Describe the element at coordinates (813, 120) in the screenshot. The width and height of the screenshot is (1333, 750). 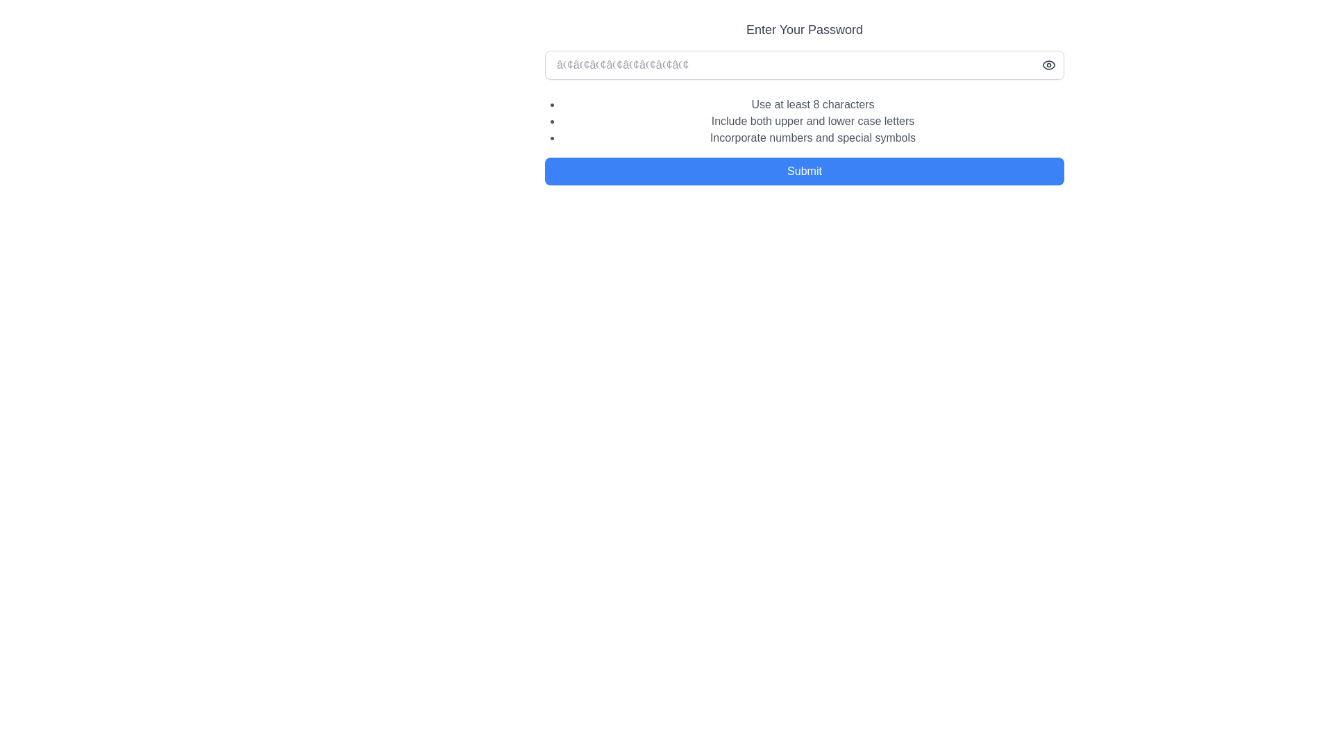
I see `guidance text snippet 'Include both upper and lower case letters' which is the second item in a bullet-pointed list` at that location.